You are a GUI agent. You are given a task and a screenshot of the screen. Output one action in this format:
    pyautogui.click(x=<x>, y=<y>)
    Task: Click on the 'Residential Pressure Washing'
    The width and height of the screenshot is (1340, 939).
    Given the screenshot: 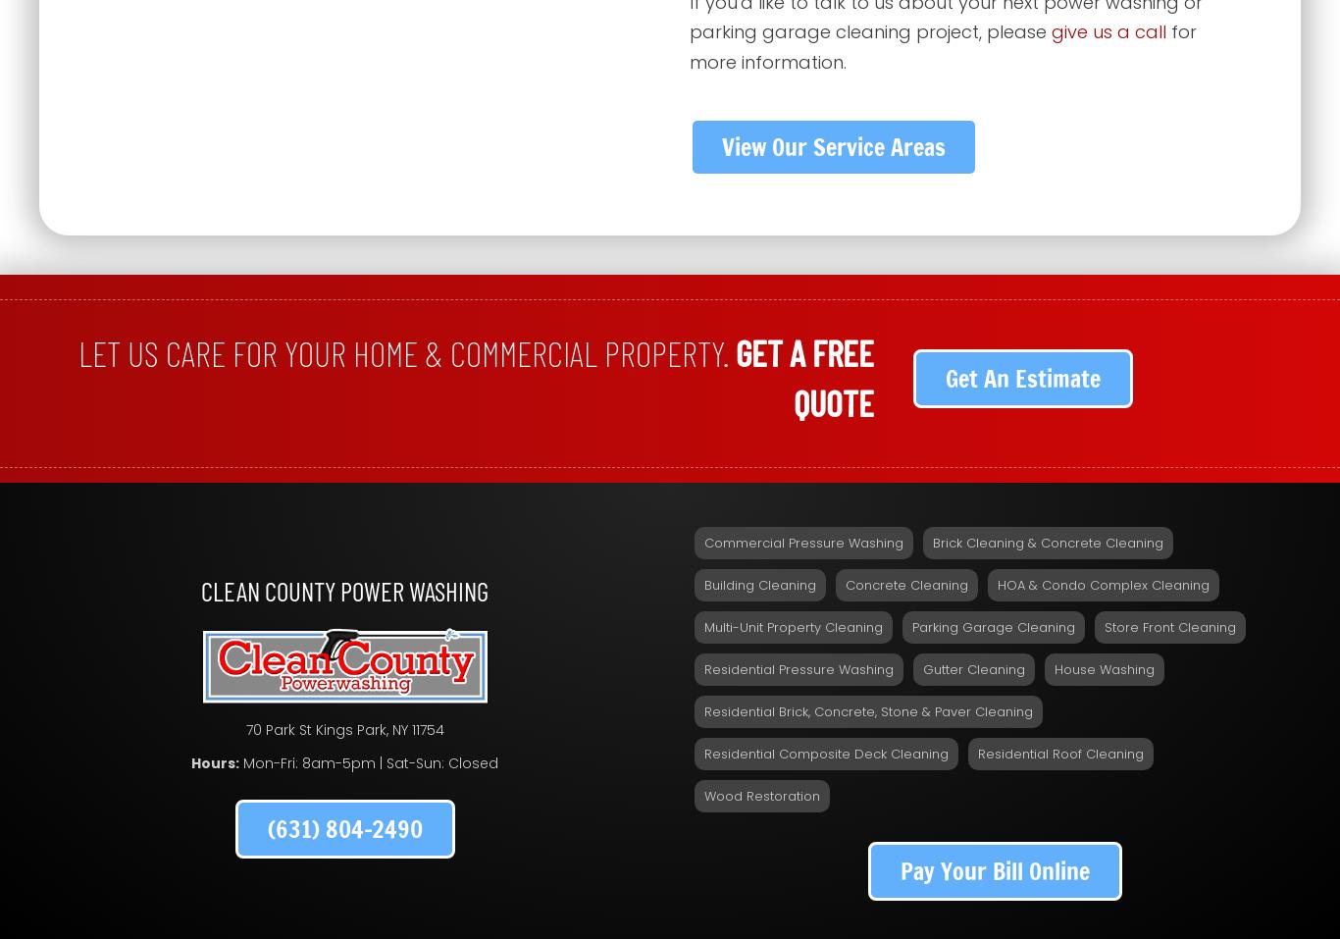 What is the action you would take?
    pyautogui.click(x=798, y=668)
    